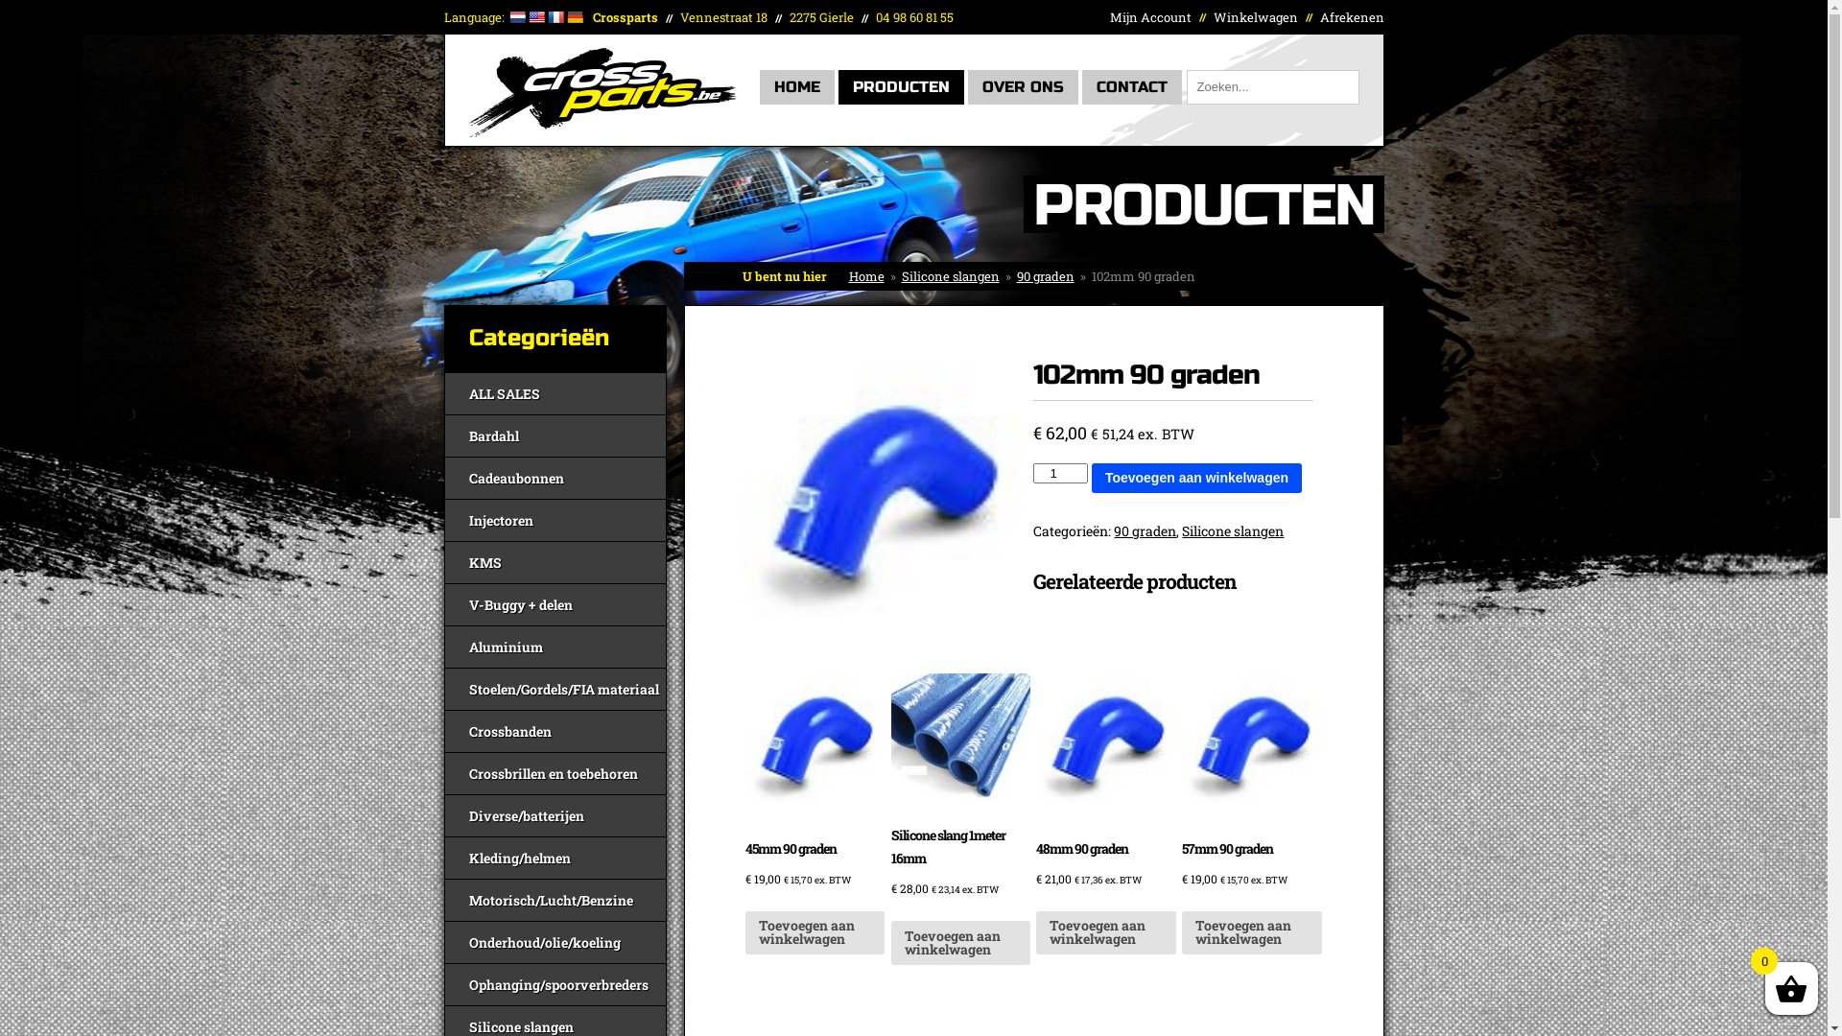  I want to click on 'Ophanging/spoorverbreders', so click(555, 984).